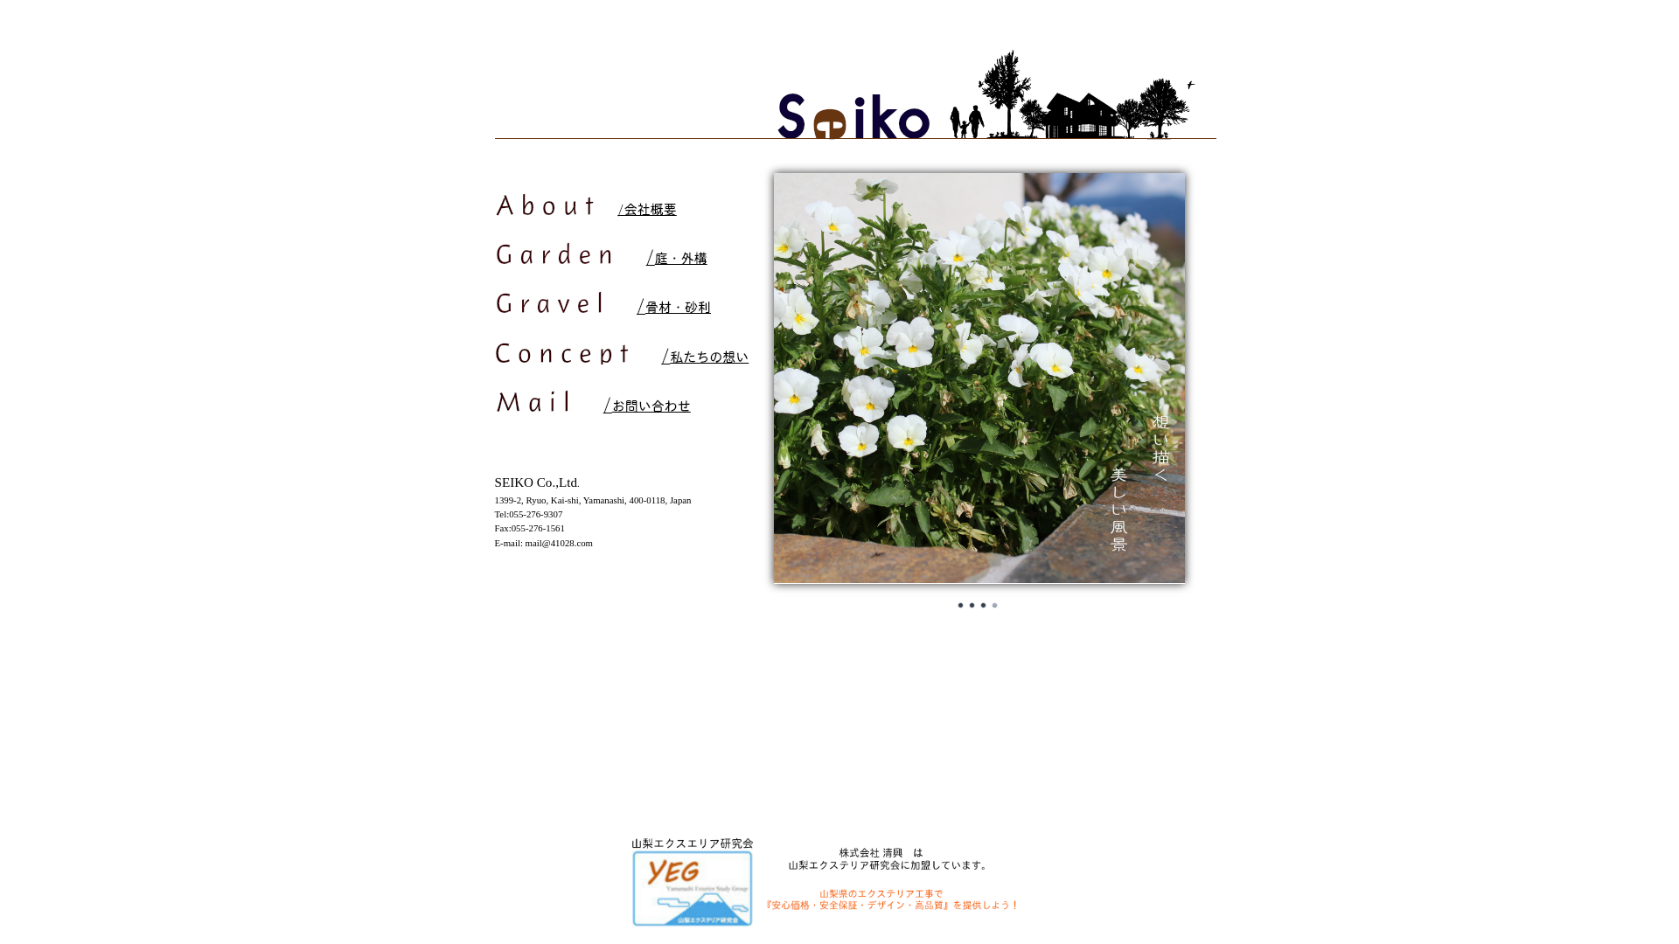 The width and height of the screenshot is (1679, 944). I want to click on '2', so click(970, 605).